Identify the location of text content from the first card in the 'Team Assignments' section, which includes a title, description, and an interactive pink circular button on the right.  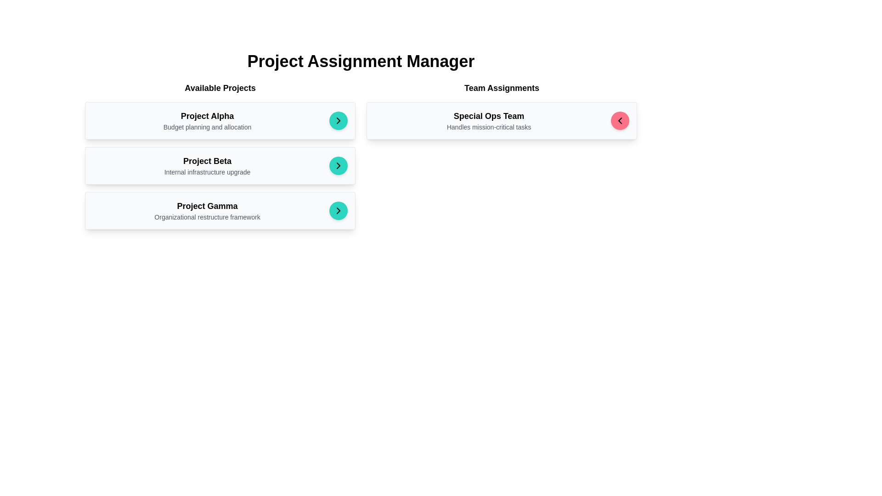
(501, 120).